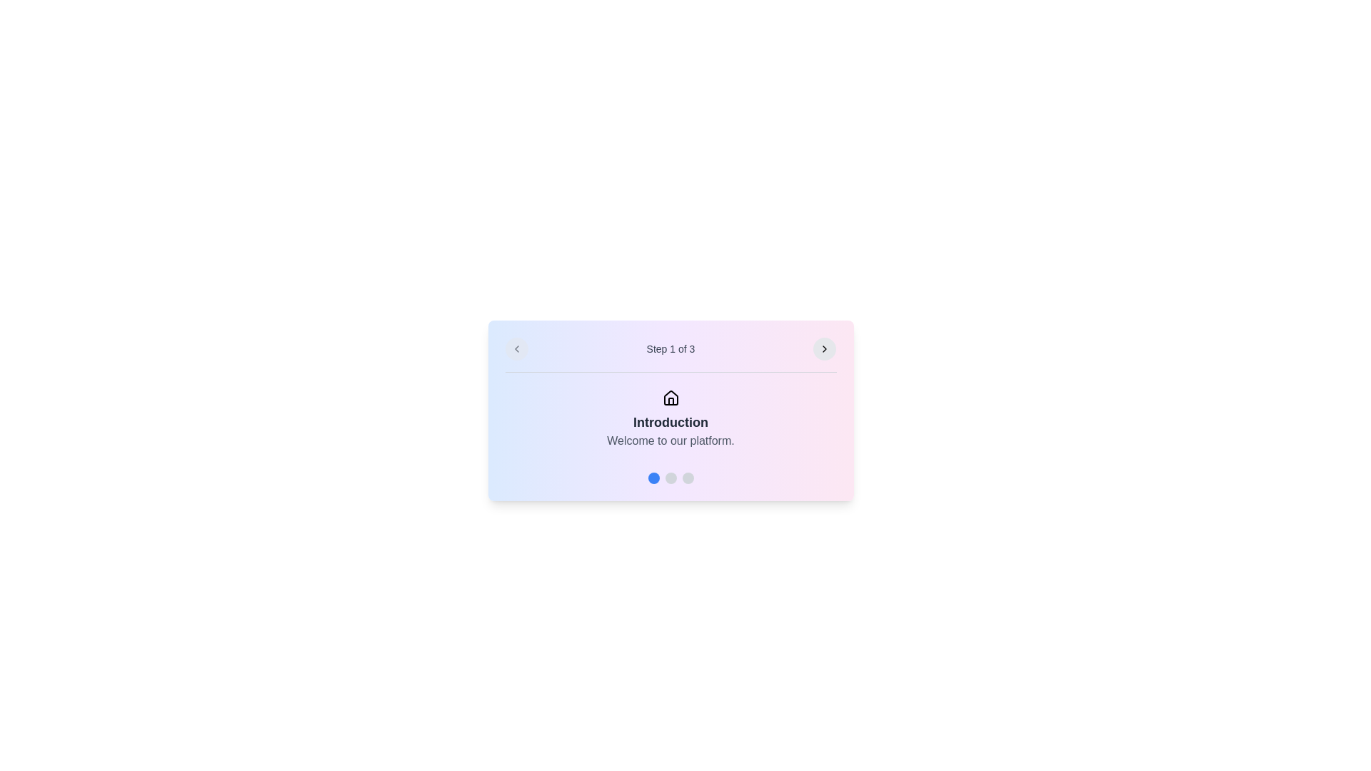  I want to click on the Text label that indicates the current step in a multi-step process, located at the top of the card between two navigation buttons, so click(670, 354).